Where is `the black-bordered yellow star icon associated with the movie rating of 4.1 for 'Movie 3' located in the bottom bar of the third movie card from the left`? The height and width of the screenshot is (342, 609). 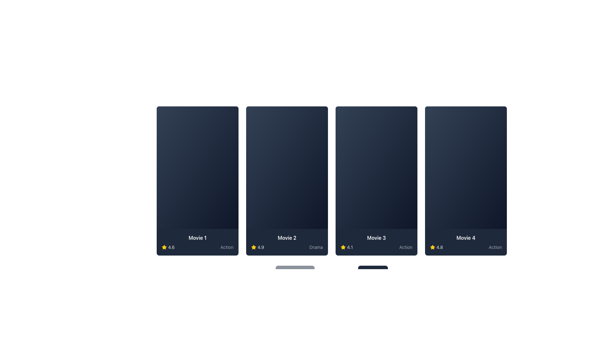 the black-bordered yellow star icon associated with the movie rating of 4.1 for 'Movie 3' located in the bottom bar of the third movie card from the left is located at coordinates (254, 247).